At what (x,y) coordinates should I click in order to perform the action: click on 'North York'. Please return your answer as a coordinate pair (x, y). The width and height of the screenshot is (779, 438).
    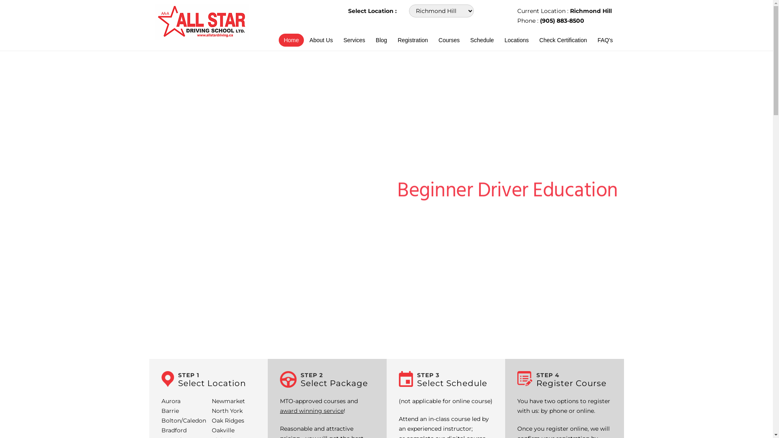
    Looking at the image, I should click on (227, 411).